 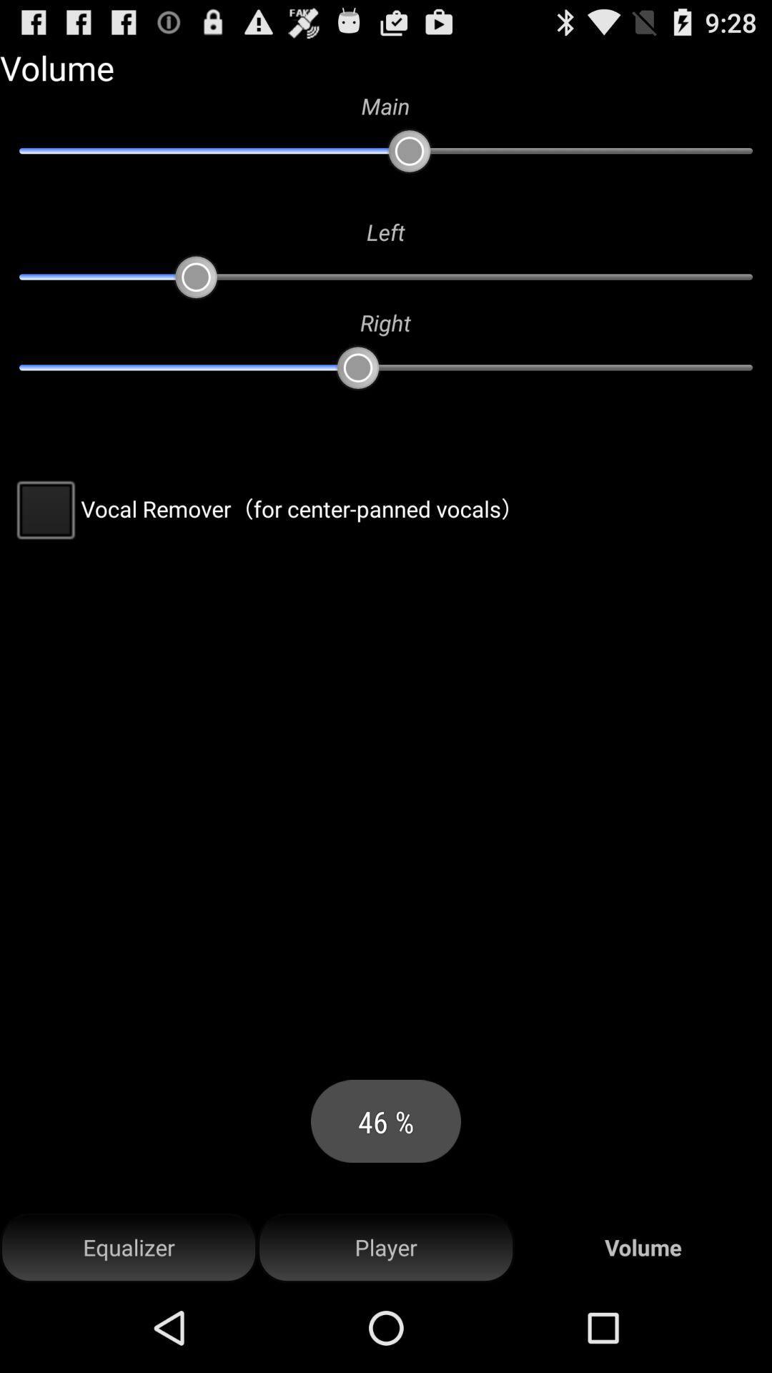 What do you see at coordinates (386, 1247) in the screenshot?
I see `option beside equalizer` at bounding box center [386, 1247].